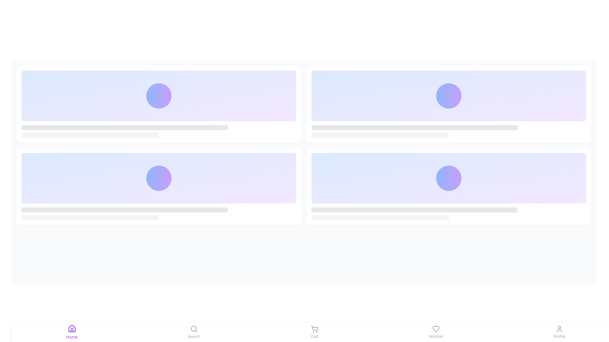 The height and width of the screenshot is (342, 609). Describe the element at coordinates (314, 328) in the screenshot. I see `the shopping cart icon located in the bottom navigation bar, which is the third icon from the left` at that location.